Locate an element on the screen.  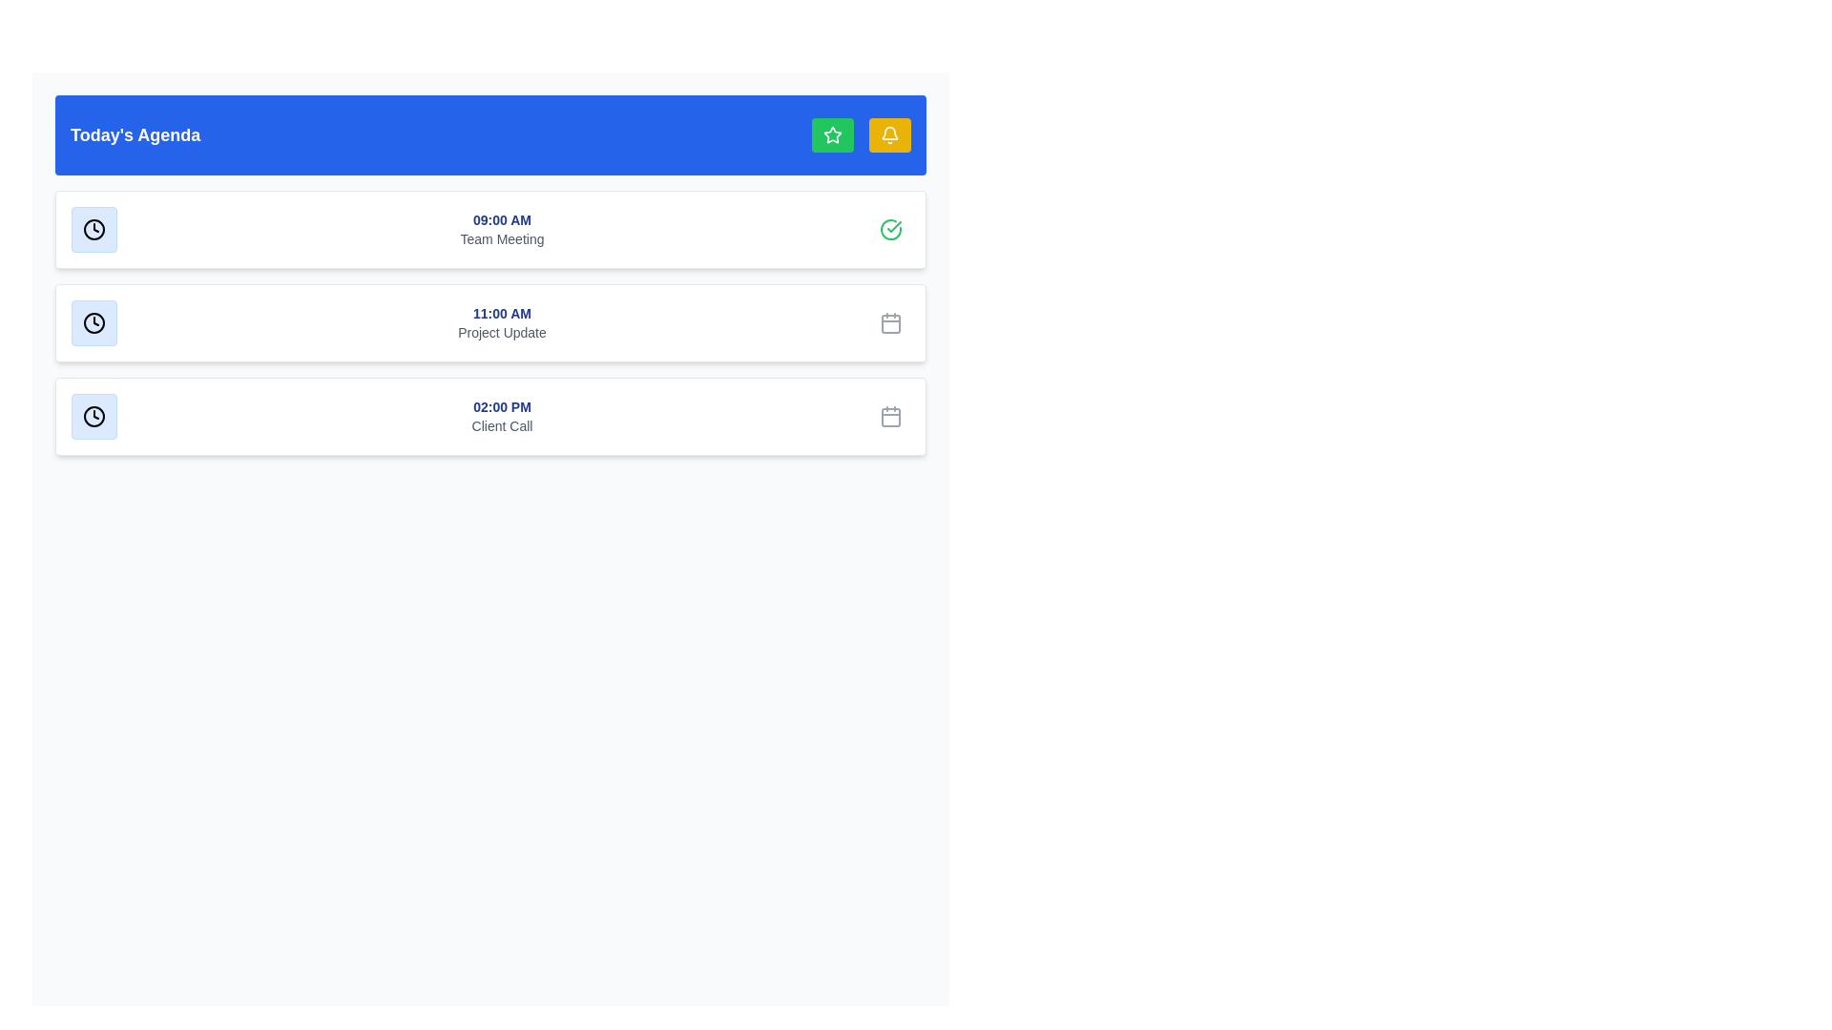
the star-shaped green icon with a white border located in the top-right section of the interface is located at coordinates (833, 134).